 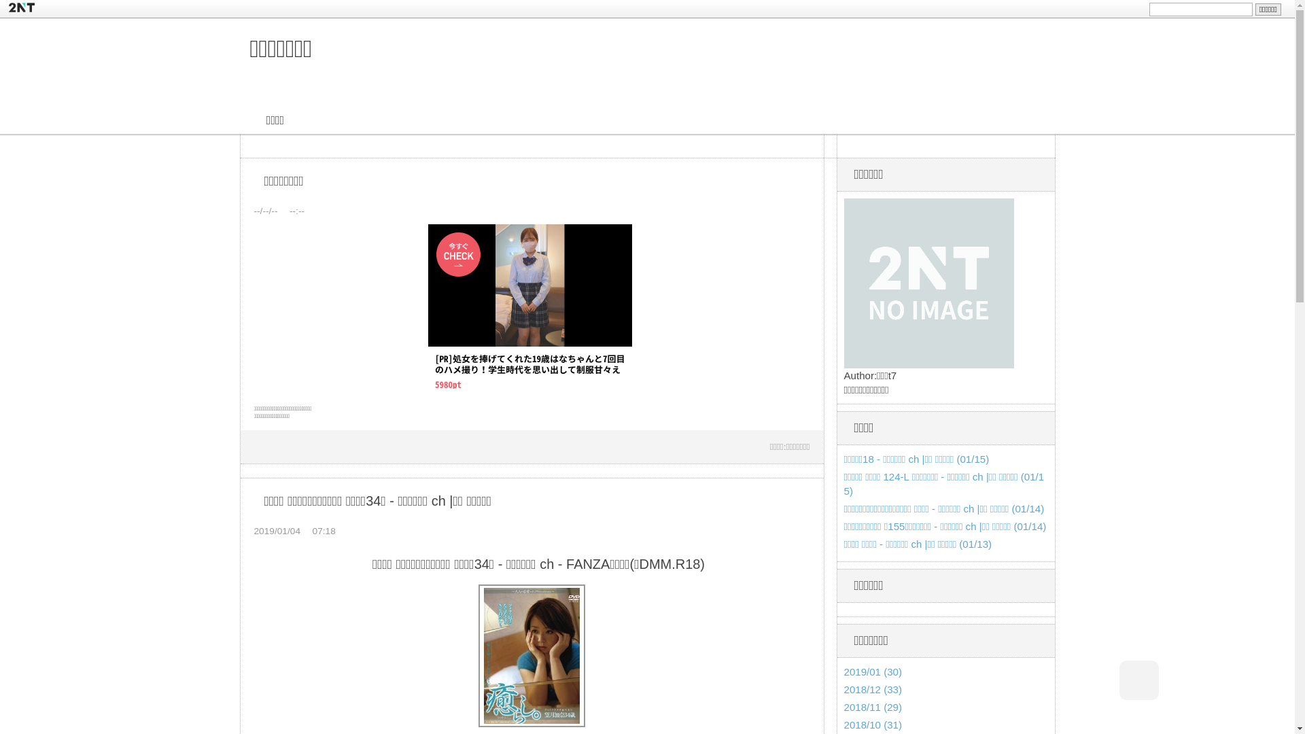 What do you see at coordinates (843, 689) in the screenshot?
I see `'2018/12 (33)'` at bounding box center [843, 689].